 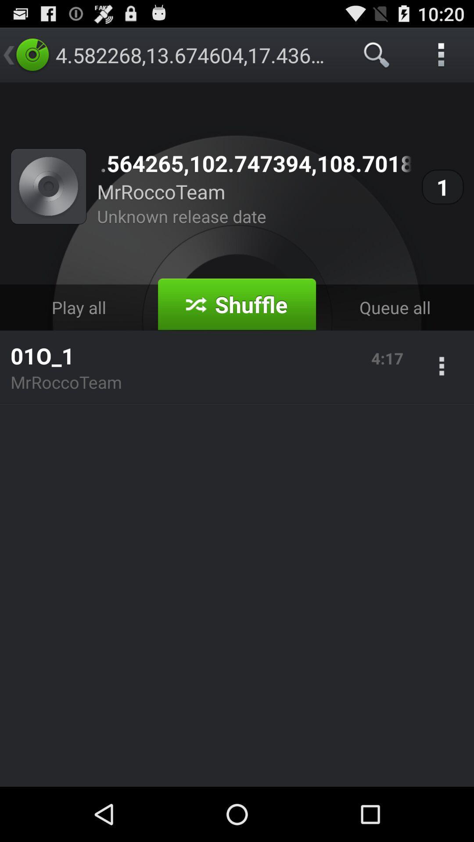 What do you see at coordinates (79, 307) in the screenshot?
I see `play all item` at bounding box center [79, 307].